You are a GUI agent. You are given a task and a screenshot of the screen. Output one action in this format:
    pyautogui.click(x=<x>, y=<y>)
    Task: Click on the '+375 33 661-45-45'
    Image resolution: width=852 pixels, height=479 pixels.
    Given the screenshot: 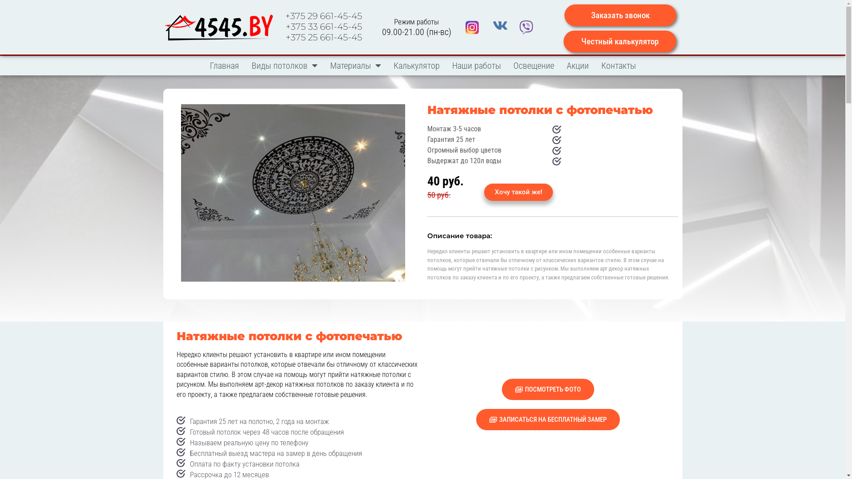 What is the action you would take?
    pyautogui.click(x=323, y=26)
    